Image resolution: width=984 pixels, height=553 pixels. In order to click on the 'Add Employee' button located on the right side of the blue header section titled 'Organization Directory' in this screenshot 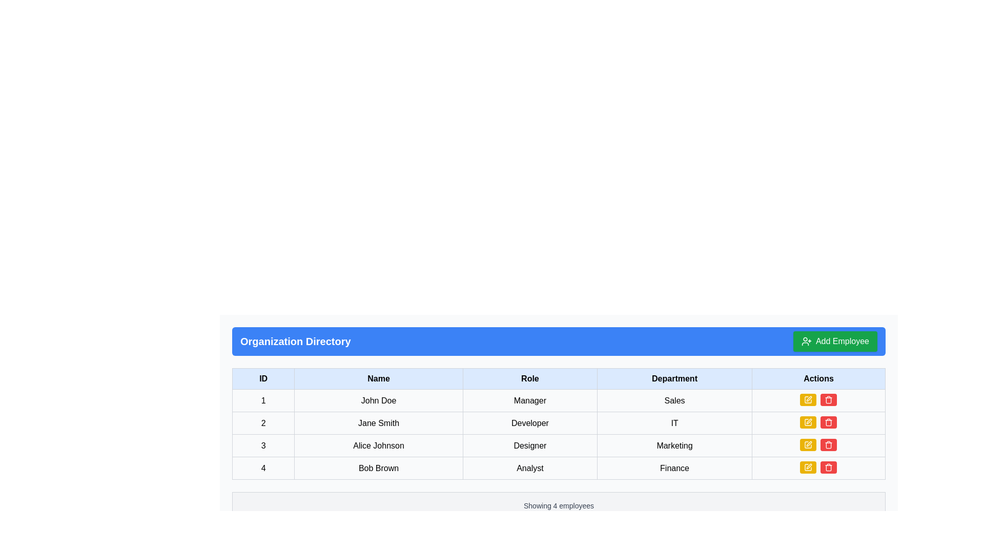, I will do `click(835, 342)`.